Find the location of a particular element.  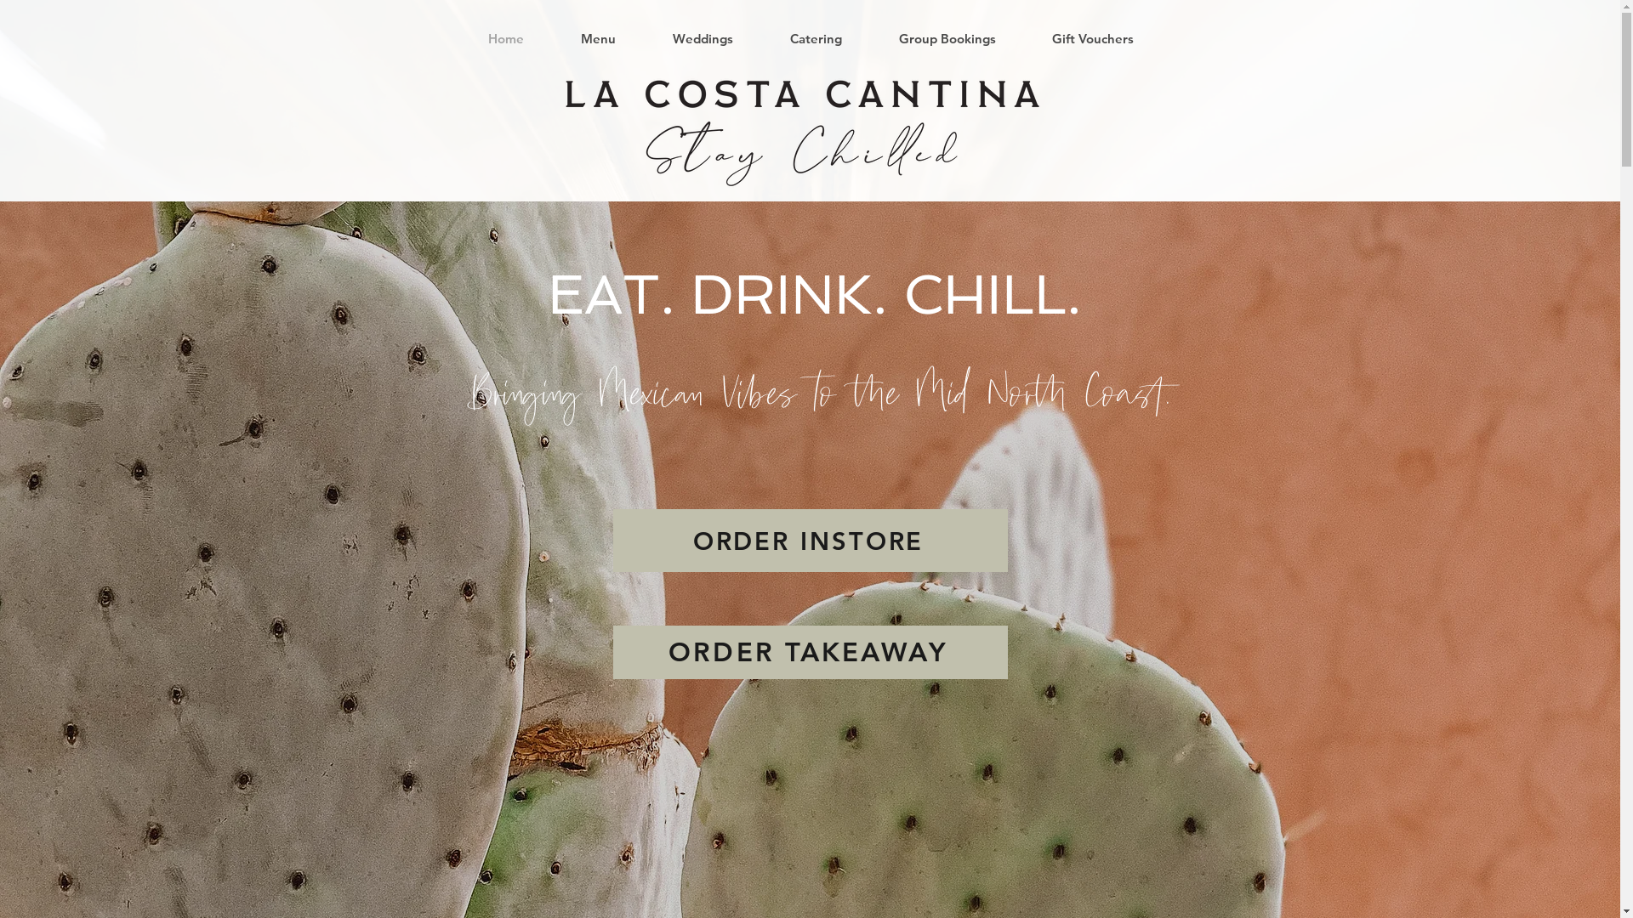

'Group Bookings' is located at coordinates (946, 38).